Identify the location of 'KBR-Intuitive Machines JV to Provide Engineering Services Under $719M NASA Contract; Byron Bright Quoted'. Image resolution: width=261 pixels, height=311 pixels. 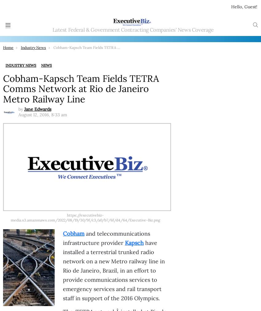
(130, 172).